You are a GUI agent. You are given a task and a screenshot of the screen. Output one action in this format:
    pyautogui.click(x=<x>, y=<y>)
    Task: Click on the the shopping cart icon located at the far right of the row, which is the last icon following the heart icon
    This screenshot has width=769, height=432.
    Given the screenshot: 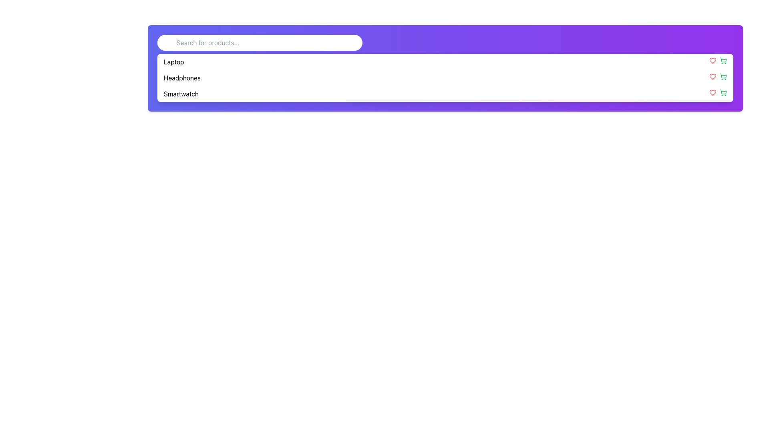 What is the action you would take?
    pyautogui.click(x=723, y=92)
    